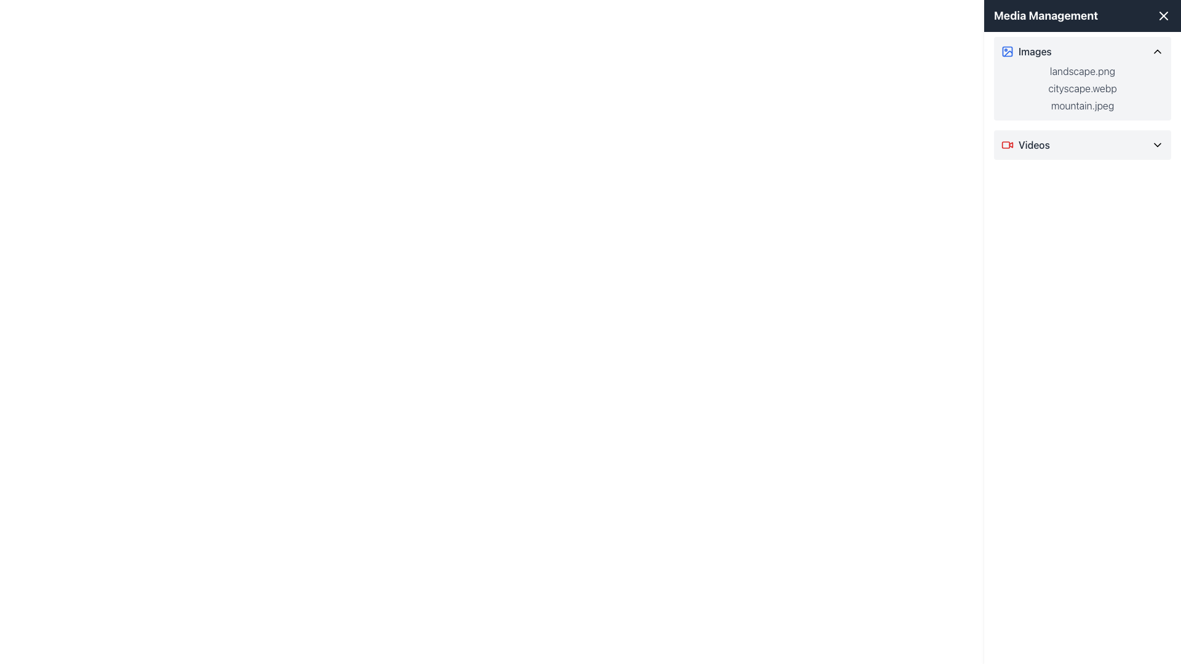 The height and width of the screenshot is (664, 1181). What do you see at coordinates (1156, 51) in the screenshot?
I see `the Chevron icon located to the right of the 'Images' label in the 'Media Management' side panel to receive UI feedback` at bounding box center [1156, 51].